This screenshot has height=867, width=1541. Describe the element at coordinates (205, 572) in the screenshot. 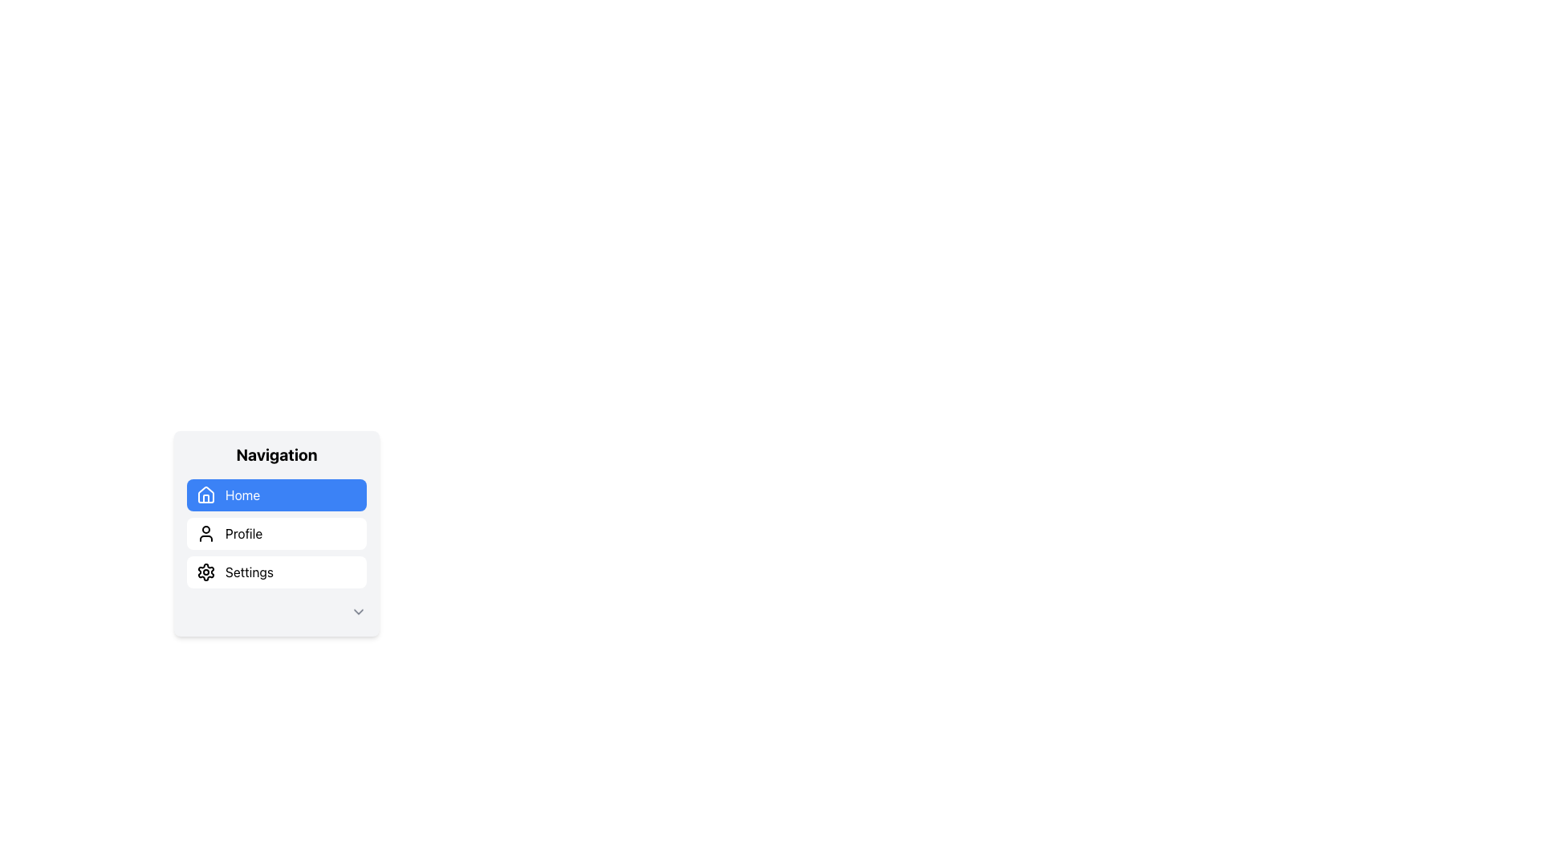

I see `the gear icon located within the 'Settings' button area` at that location.